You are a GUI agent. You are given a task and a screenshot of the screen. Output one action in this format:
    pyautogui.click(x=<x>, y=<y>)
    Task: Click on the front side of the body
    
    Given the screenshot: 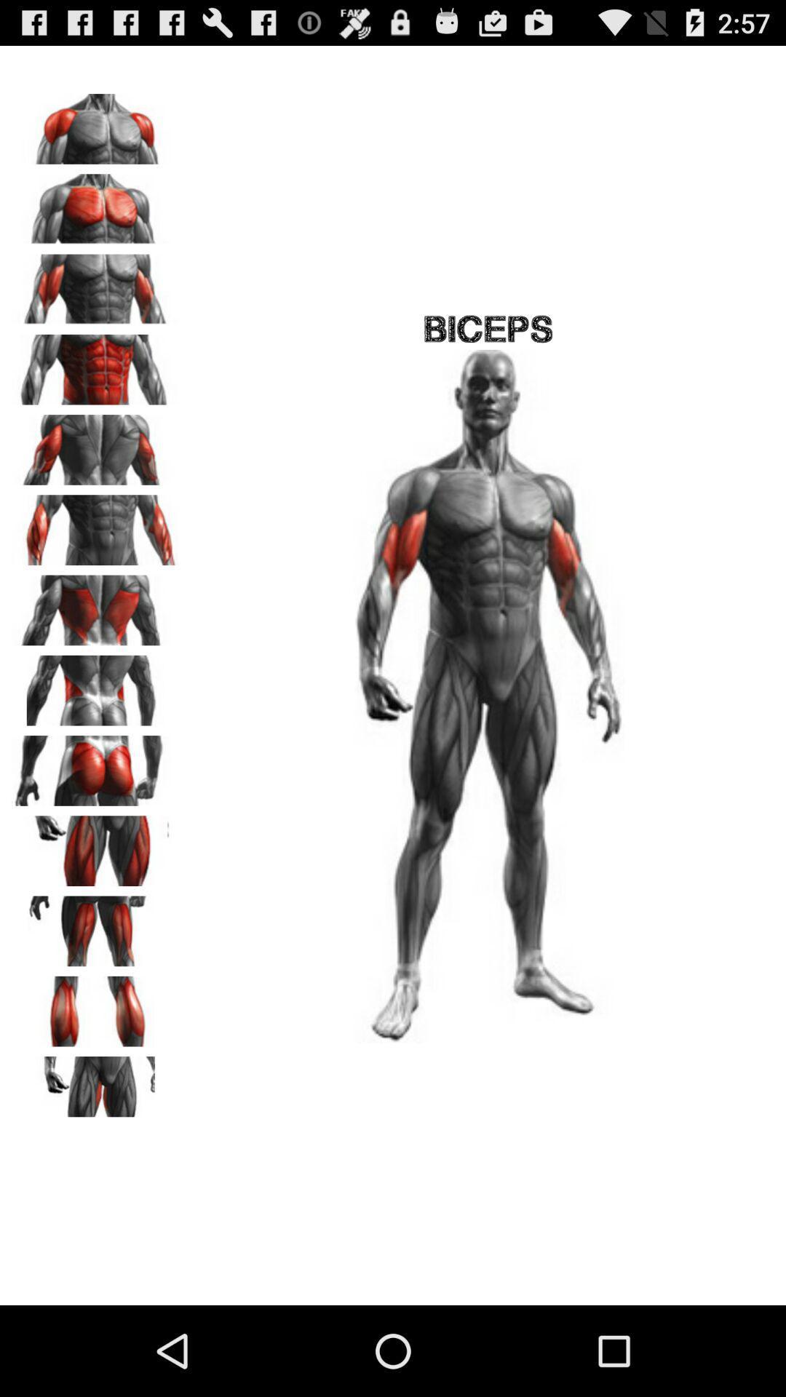 What is the action you would take?
    pyautogui.click(x=95, y=203)
    